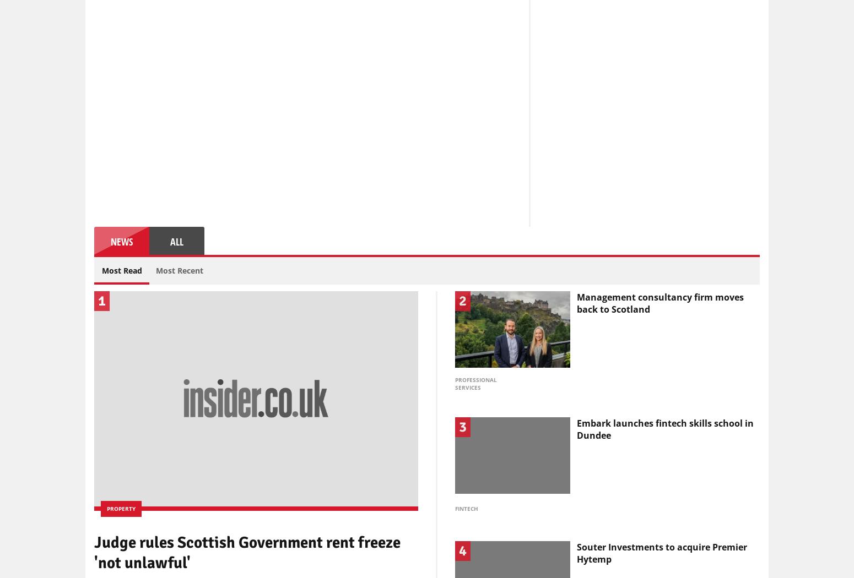 The height and width of the screenshot is (578, 854). Describe the element at coordinates (120, 508) in the screenshot. I see `'Property'` at that location.